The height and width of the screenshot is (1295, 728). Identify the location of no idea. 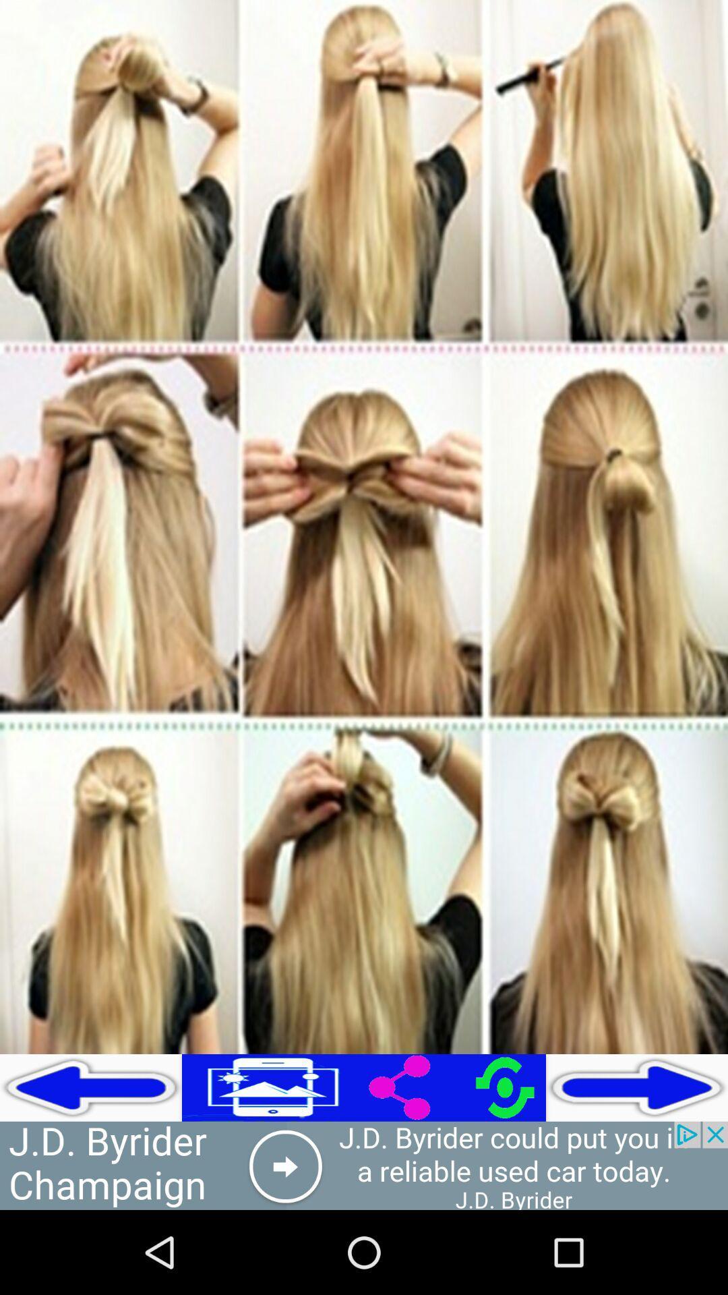
(364, 1165).